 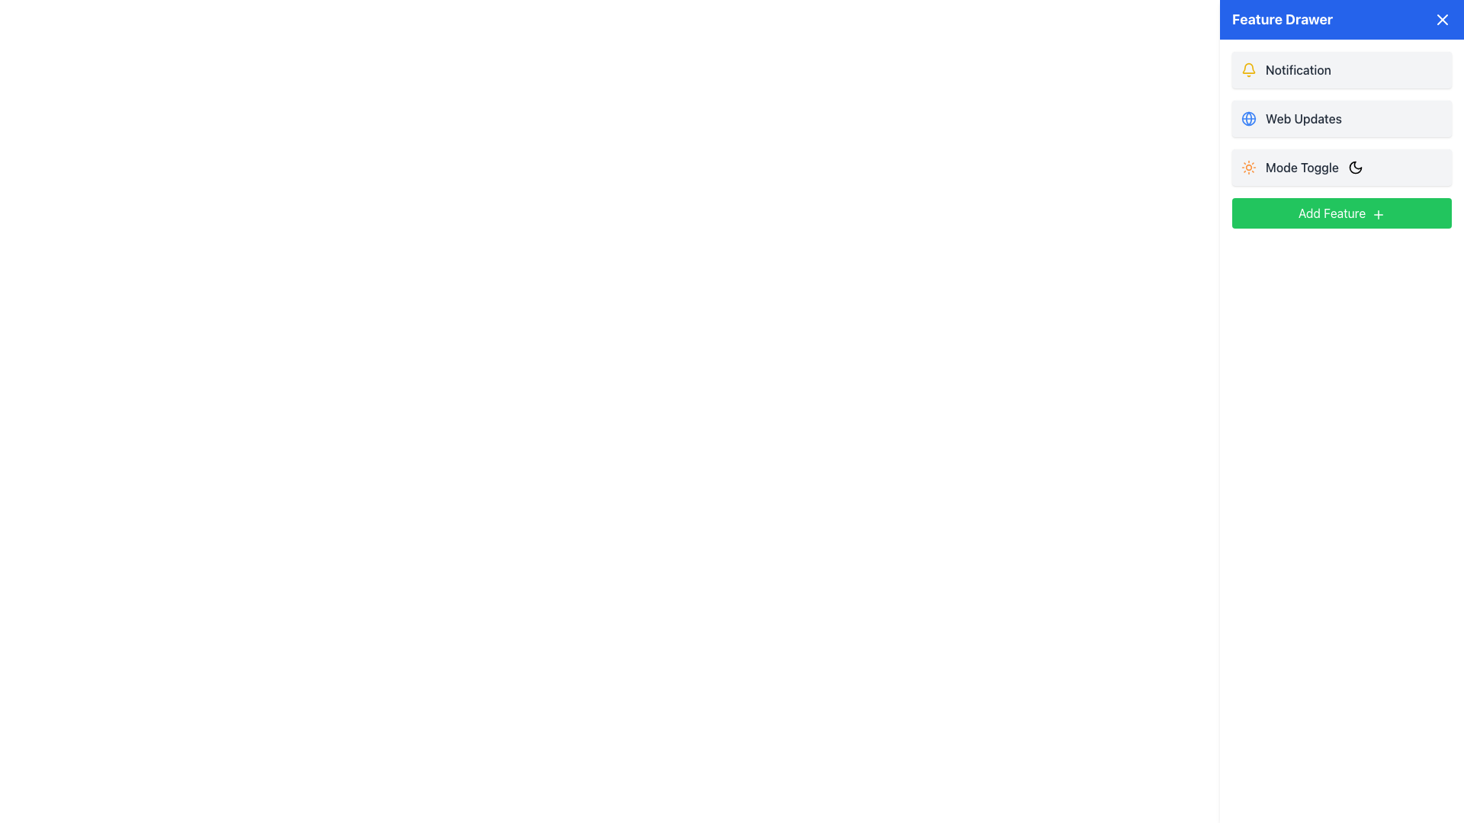 What do you see at coordinates (1282, 20) in the screenshot?
I see `the Text label that serves as the title for the drawer interface, positioned at the top of the right-hand side of the interface` at bounding box center [1282, 20].